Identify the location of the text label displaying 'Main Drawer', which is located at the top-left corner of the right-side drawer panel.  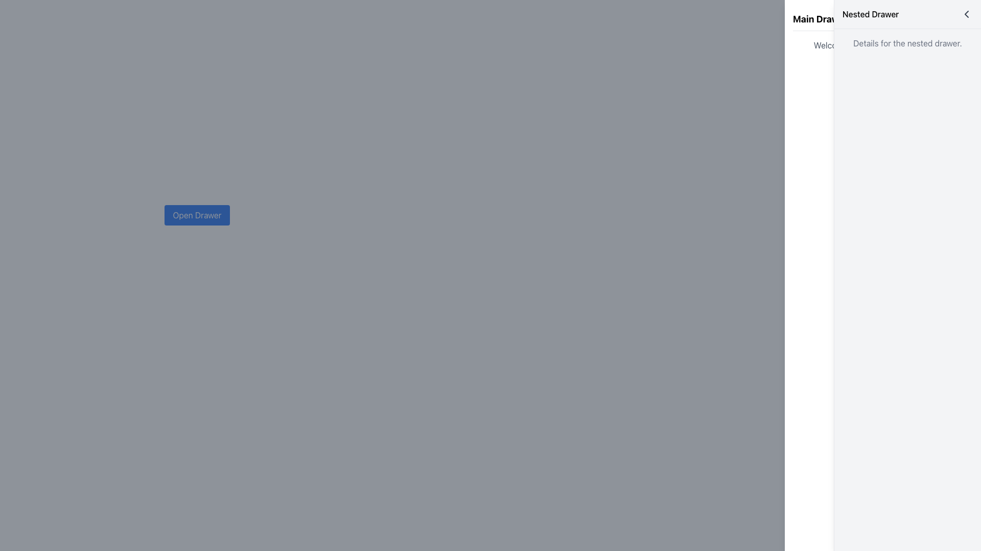
(820, 19).